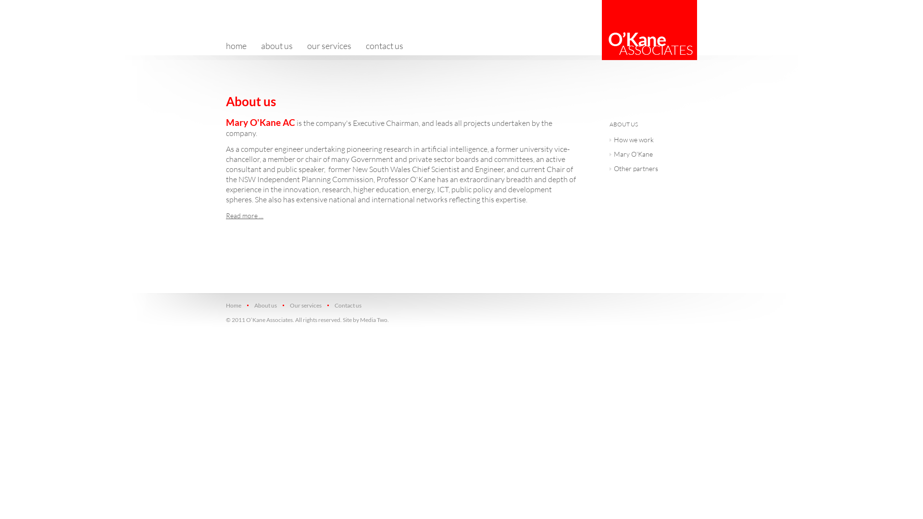  Describe the element at coordinates (649, 141) in the screenshot. I see `'How we work'` at that location.